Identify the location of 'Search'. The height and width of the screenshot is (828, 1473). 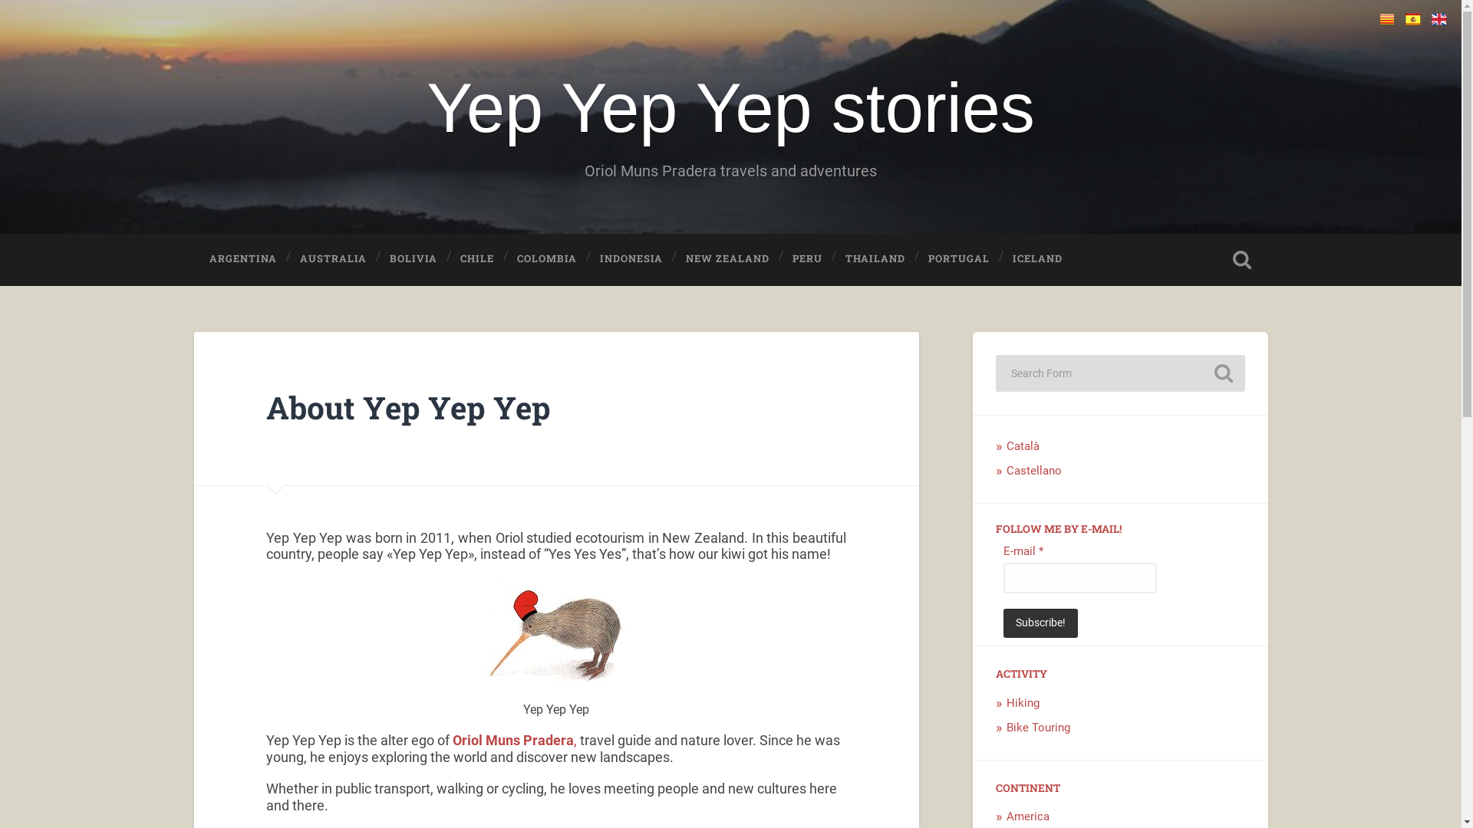
(1221, 373).